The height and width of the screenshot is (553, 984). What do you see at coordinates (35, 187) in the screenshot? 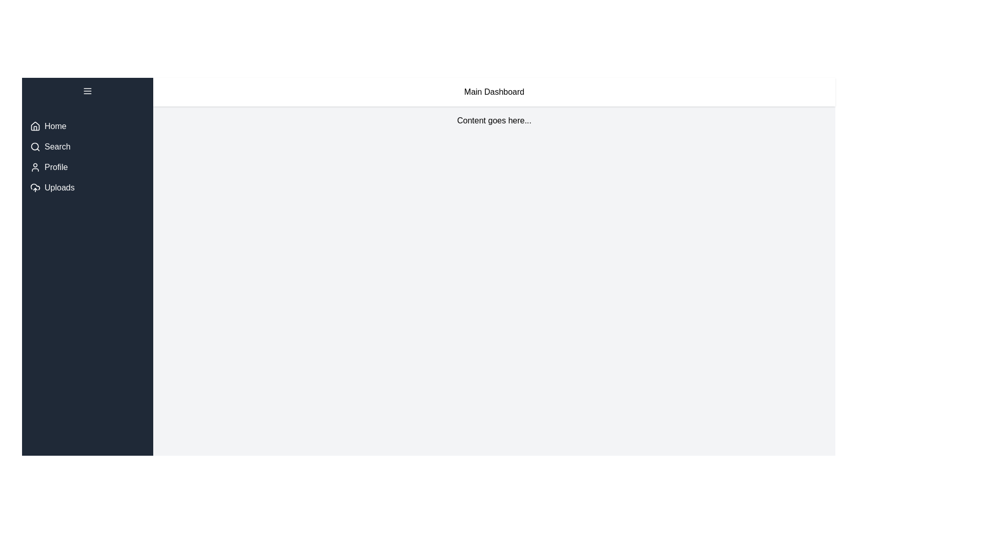
I see `SVG properties of the 'Upload' functionality represented by the cloud graphic in the vertical navigation bar` at bounding box center [35, 187].